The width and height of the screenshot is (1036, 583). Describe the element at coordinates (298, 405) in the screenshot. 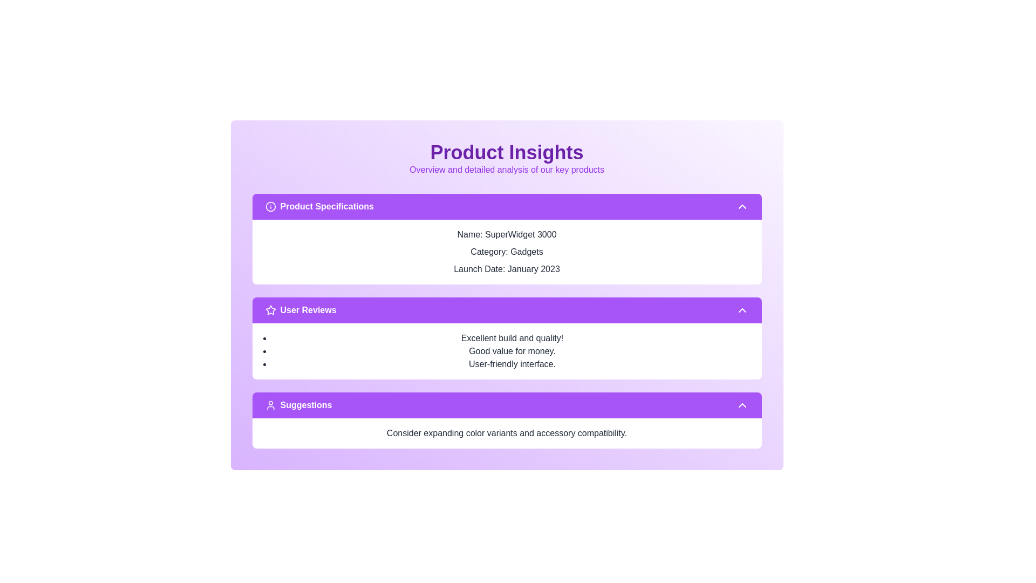

I see `text of the header section labeled 'Suggestions', which is located at the bottom of the vertical stack of panels including 'Product Specifications' and 'User Reviews'` at that location.